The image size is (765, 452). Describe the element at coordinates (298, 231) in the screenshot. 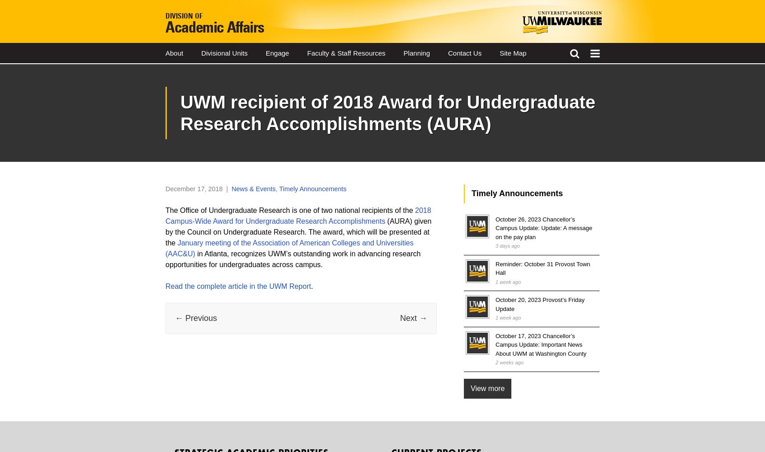

I see `'(AURA) given by the Council on Undergraduate Research. The award, which will be presented at the'` at that location.